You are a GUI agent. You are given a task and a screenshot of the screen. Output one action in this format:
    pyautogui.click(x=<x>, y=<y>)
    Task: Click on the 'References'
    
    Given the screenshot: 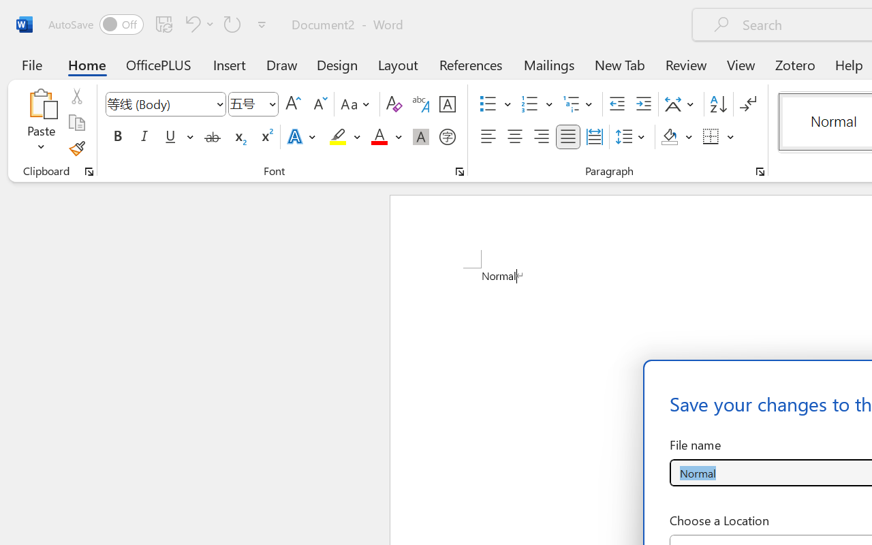 What is the action you would take?
    pyautogui.click(x=471, y=64)
    